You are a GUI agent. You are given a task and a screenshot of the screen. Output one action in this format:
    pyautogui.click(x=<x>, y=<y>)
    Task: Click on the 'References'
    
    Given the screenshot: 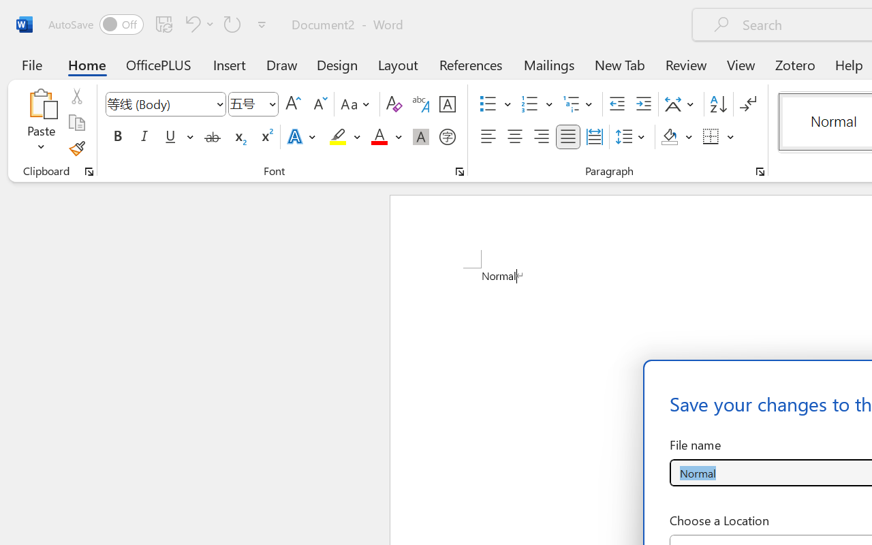 What is the action you would take?
    pyautogui.click(x=471, y=64)
    